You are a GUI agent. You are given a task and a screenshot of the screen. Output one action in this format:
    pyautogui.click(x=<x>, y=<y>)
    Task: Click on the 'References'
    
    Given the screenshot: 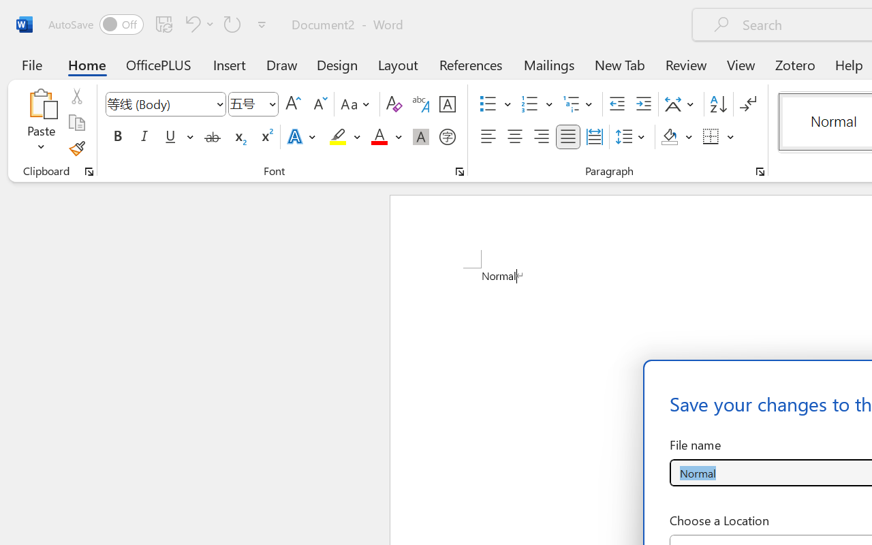 What is the action you would take?
    pyautogui.click(x=471, y=64)
    